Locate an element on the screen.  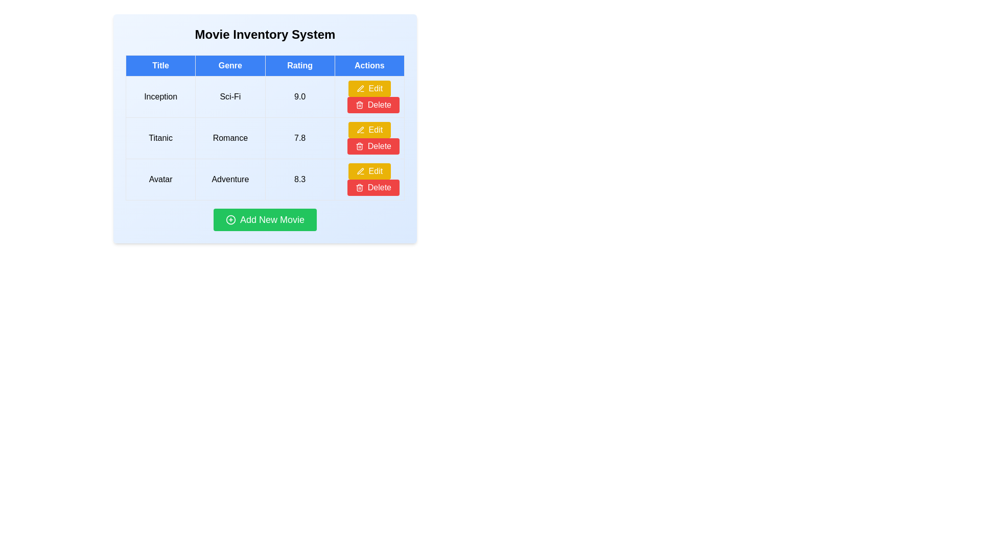
the header text 'Movie Inventory System' to observe any dynamic effects is located at coordinates (265, 34).